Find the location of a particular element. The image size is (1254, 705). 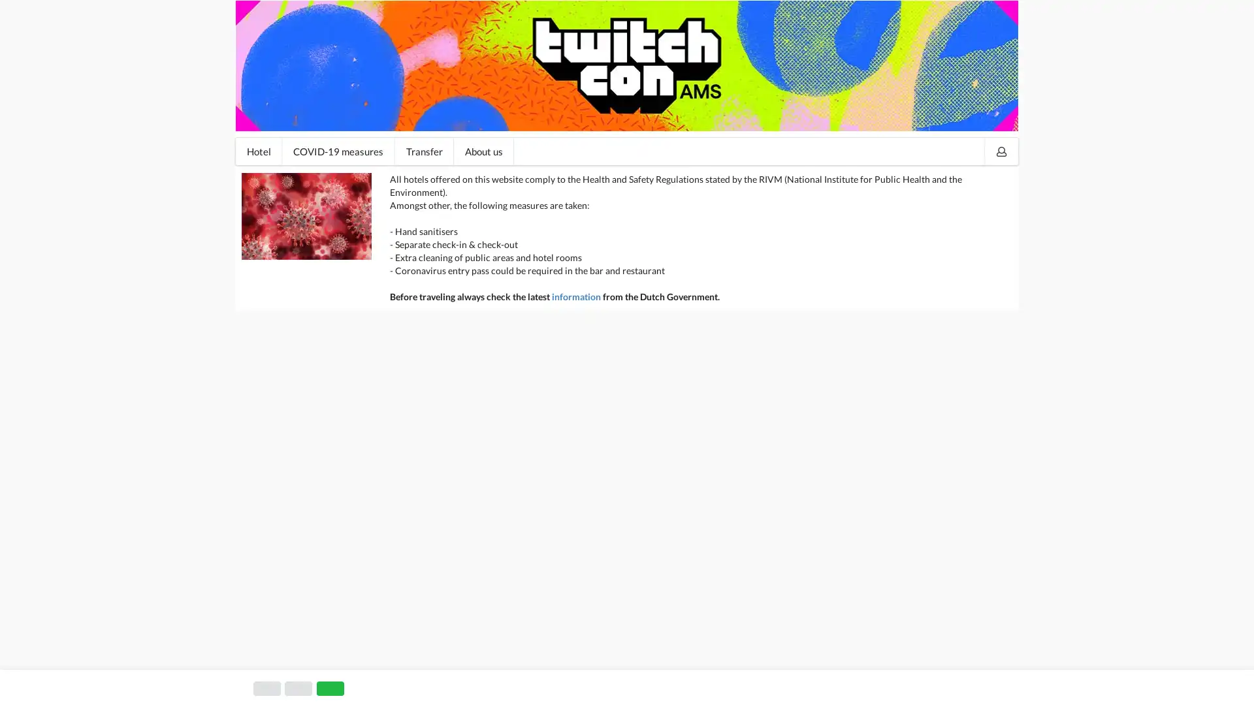

Allow All is located at coordinates (969, 683).